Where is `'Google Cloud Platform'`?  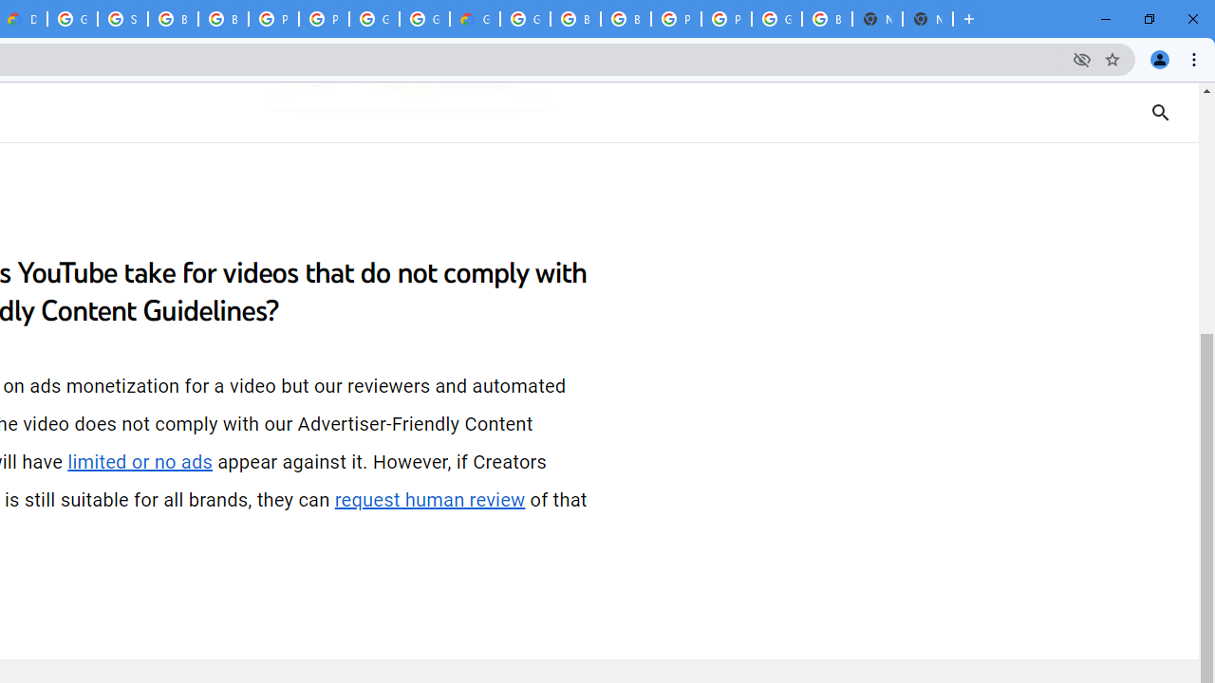
'Google Cloud Platform' is located at coordinates (525, 19).